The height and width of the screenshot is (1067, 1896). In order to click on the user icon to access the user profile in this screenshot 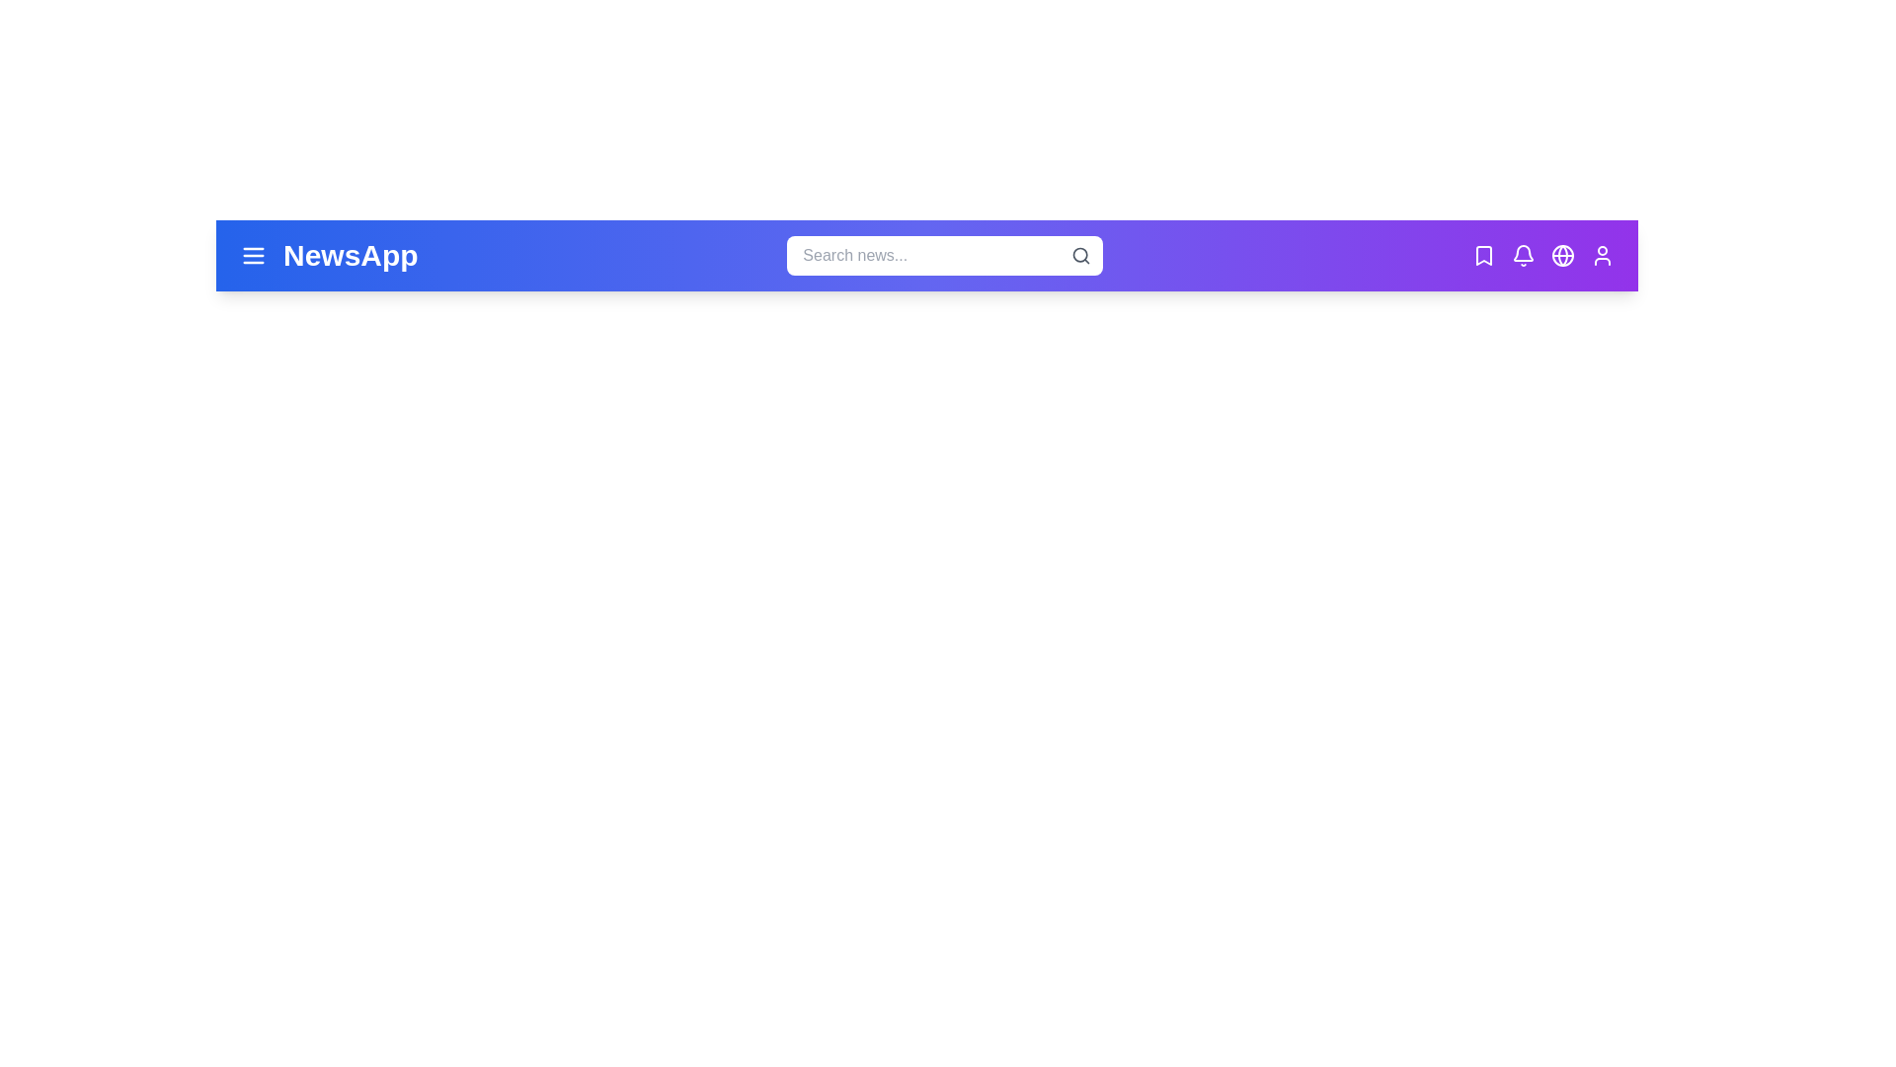, I will do `click(1602, 254)`.